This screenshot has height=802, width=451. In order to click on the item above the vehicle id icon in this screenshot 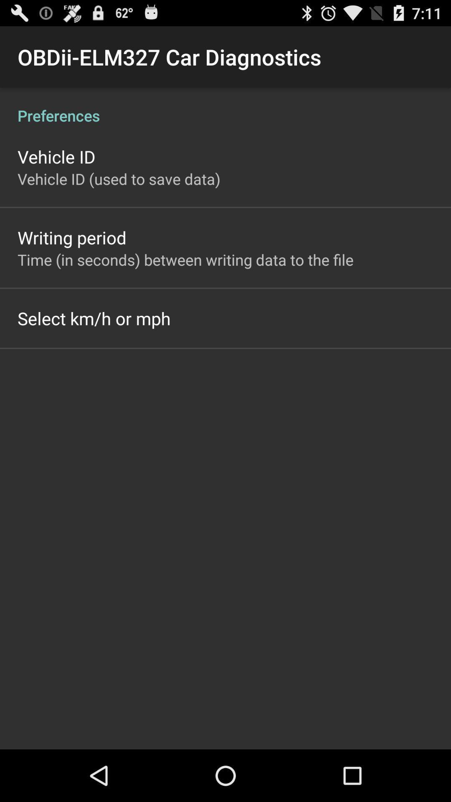, I will do `click(225, 106)`.